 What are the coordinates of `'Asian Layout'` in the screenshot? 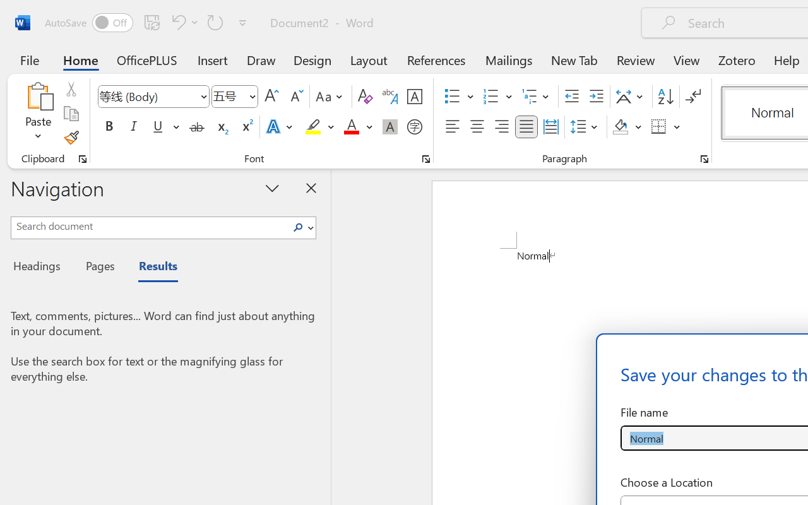 It's located at (631, 97).